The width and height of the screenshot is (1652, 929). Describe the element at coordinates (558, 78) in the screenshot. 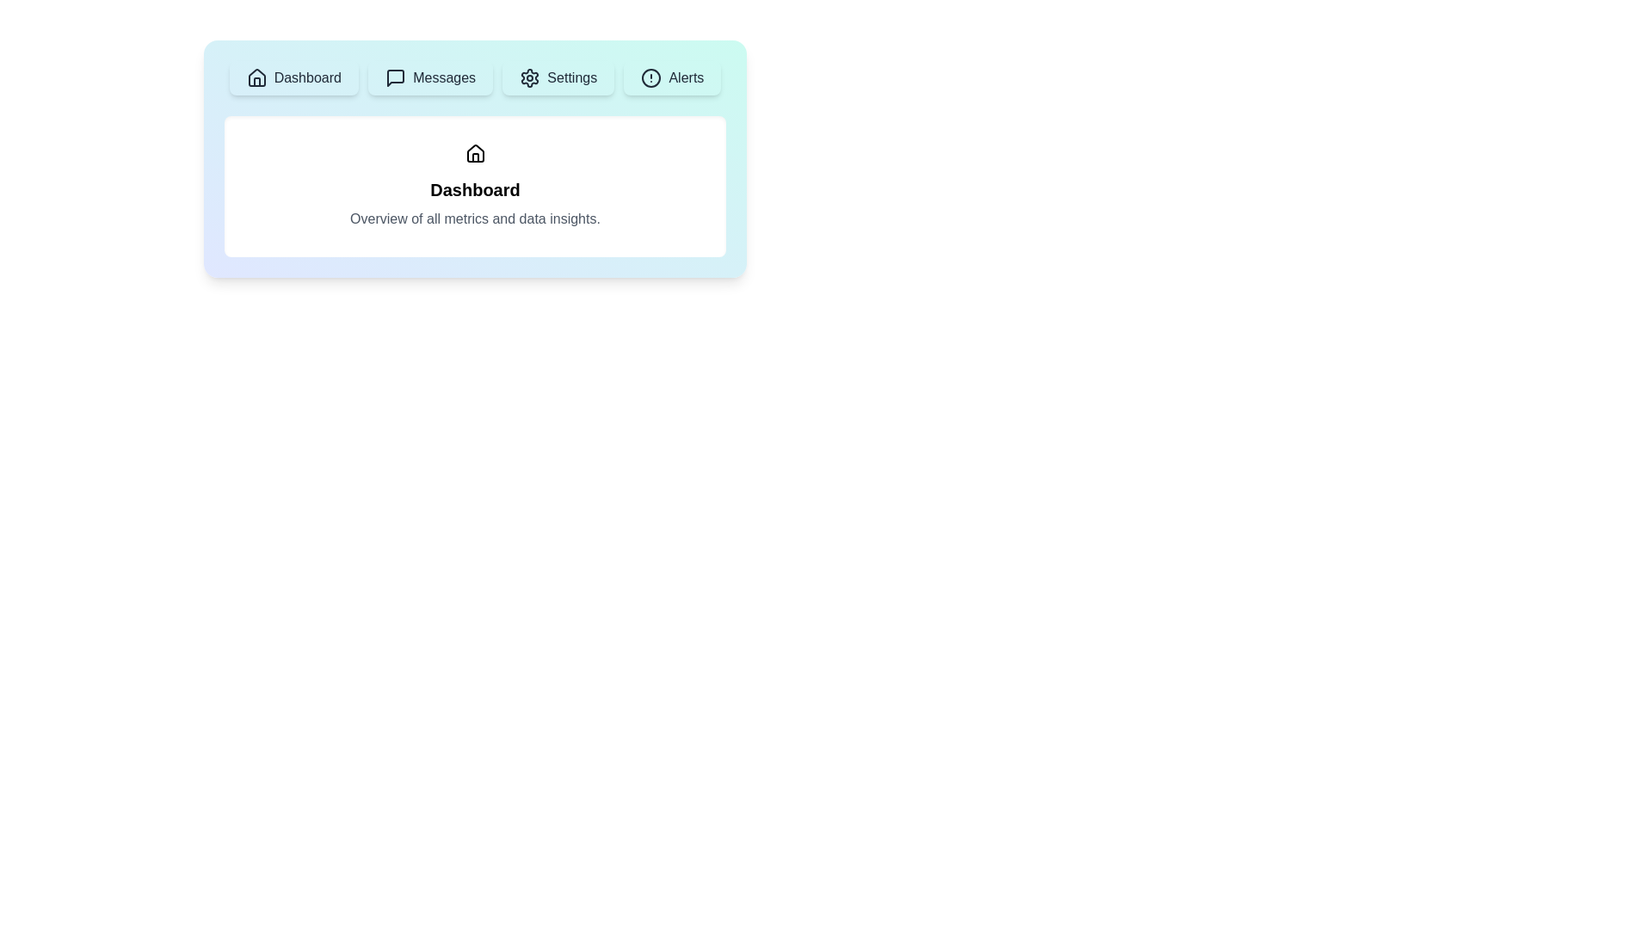

I see `the Settings tab` at that location.